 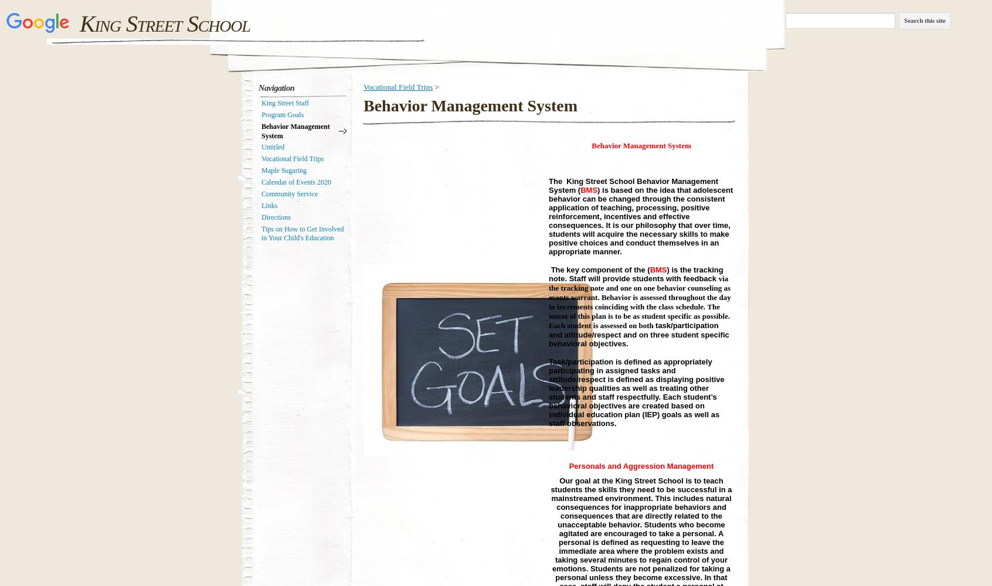 What do you see at coordinates (634, 418) in the screenshot?
I see `'EP) goals as well as staff observations.'` at bounding box center [634, 418].